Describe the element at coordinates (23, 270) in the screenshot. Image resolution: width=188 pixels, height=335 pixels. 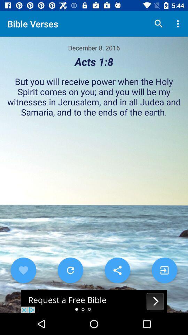
I see `to like` at that location.